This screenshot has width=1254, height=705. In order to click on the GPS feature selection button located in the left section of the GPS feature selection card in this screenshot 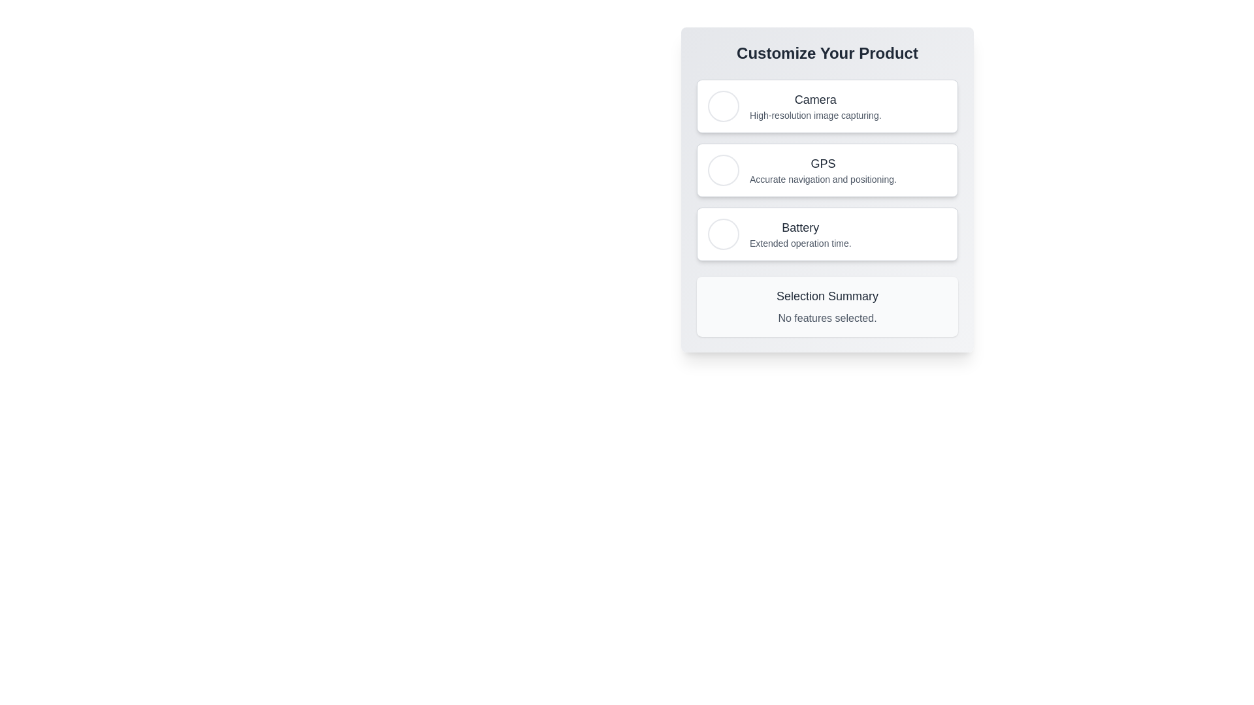, I will do `click(723, 170)`.